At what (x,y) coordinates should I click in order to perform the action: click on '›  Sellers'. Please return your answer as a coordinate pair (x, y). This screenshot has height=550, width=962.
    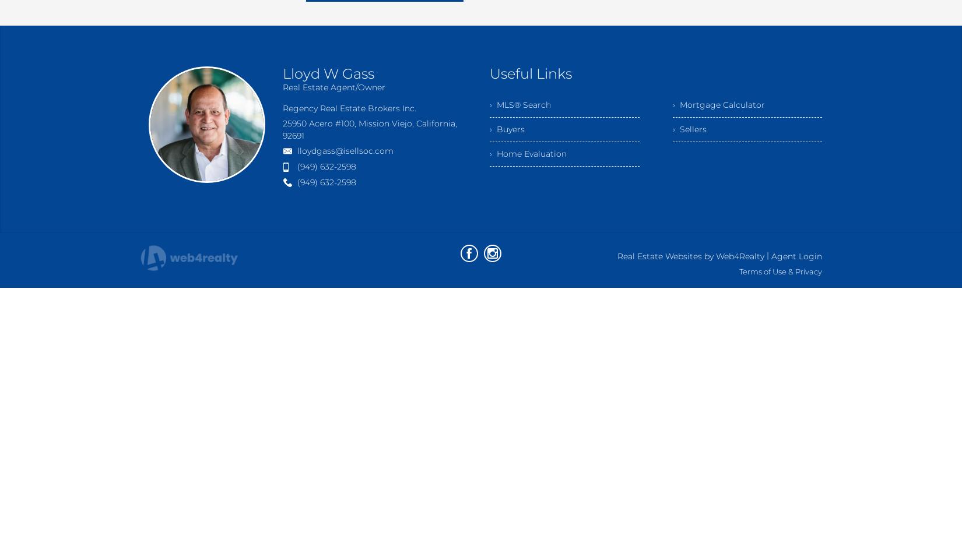
    Looking at the image, I should click on (689, 129).